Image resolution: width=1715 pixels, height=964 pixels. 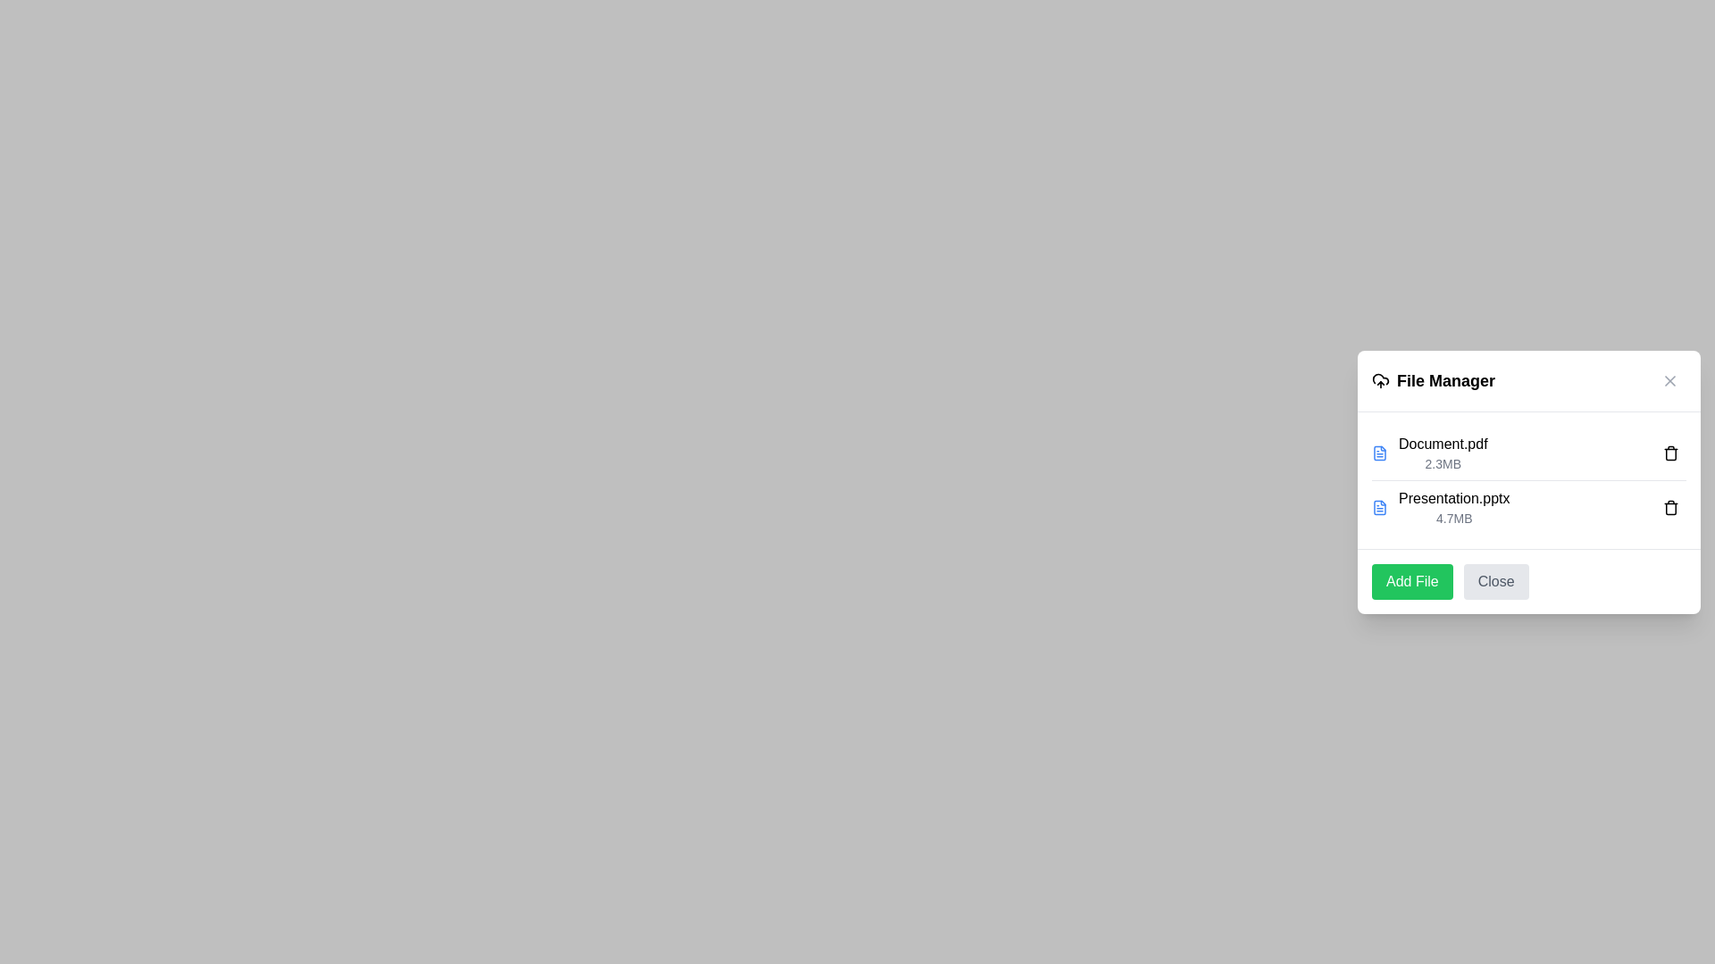 What do you see at coordinates (1379, 452) in the screenshot?
I see `the icon representing the file document associated with 'Document.pdf' in the 'File Manager' panel` at bounding box center [1379, 452].